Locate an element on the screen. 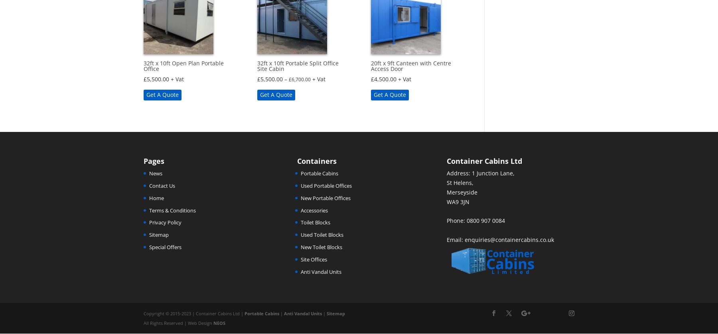 This screenshot has width=718, height=334. 'NEOS' is located at coordinates (219, 322).